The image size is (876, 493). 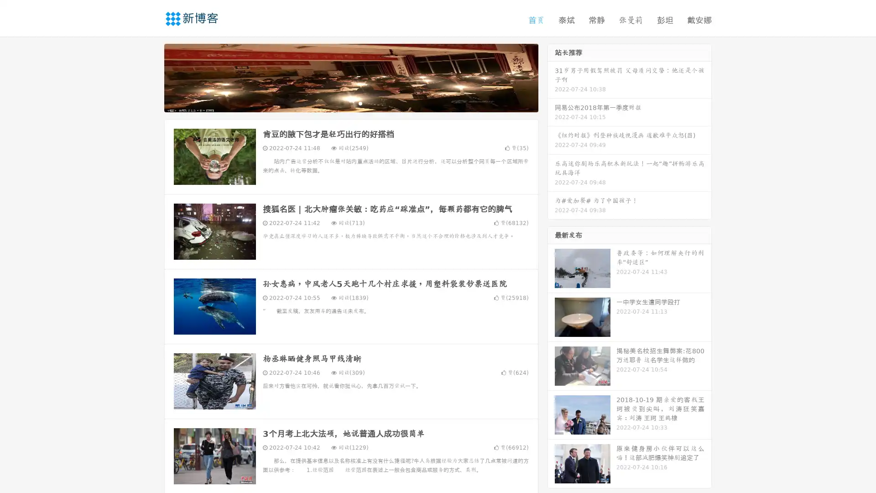 I want to click on Go to slide 3, so click(x=360, y=103).